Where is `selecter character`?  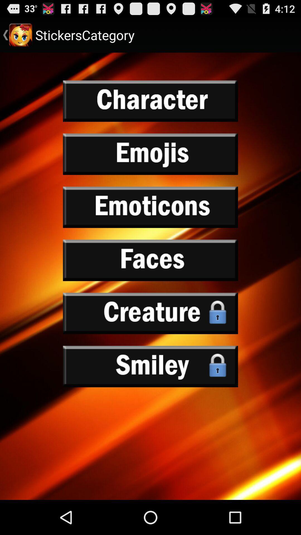 selecter character is located at coordinates (151, 101).